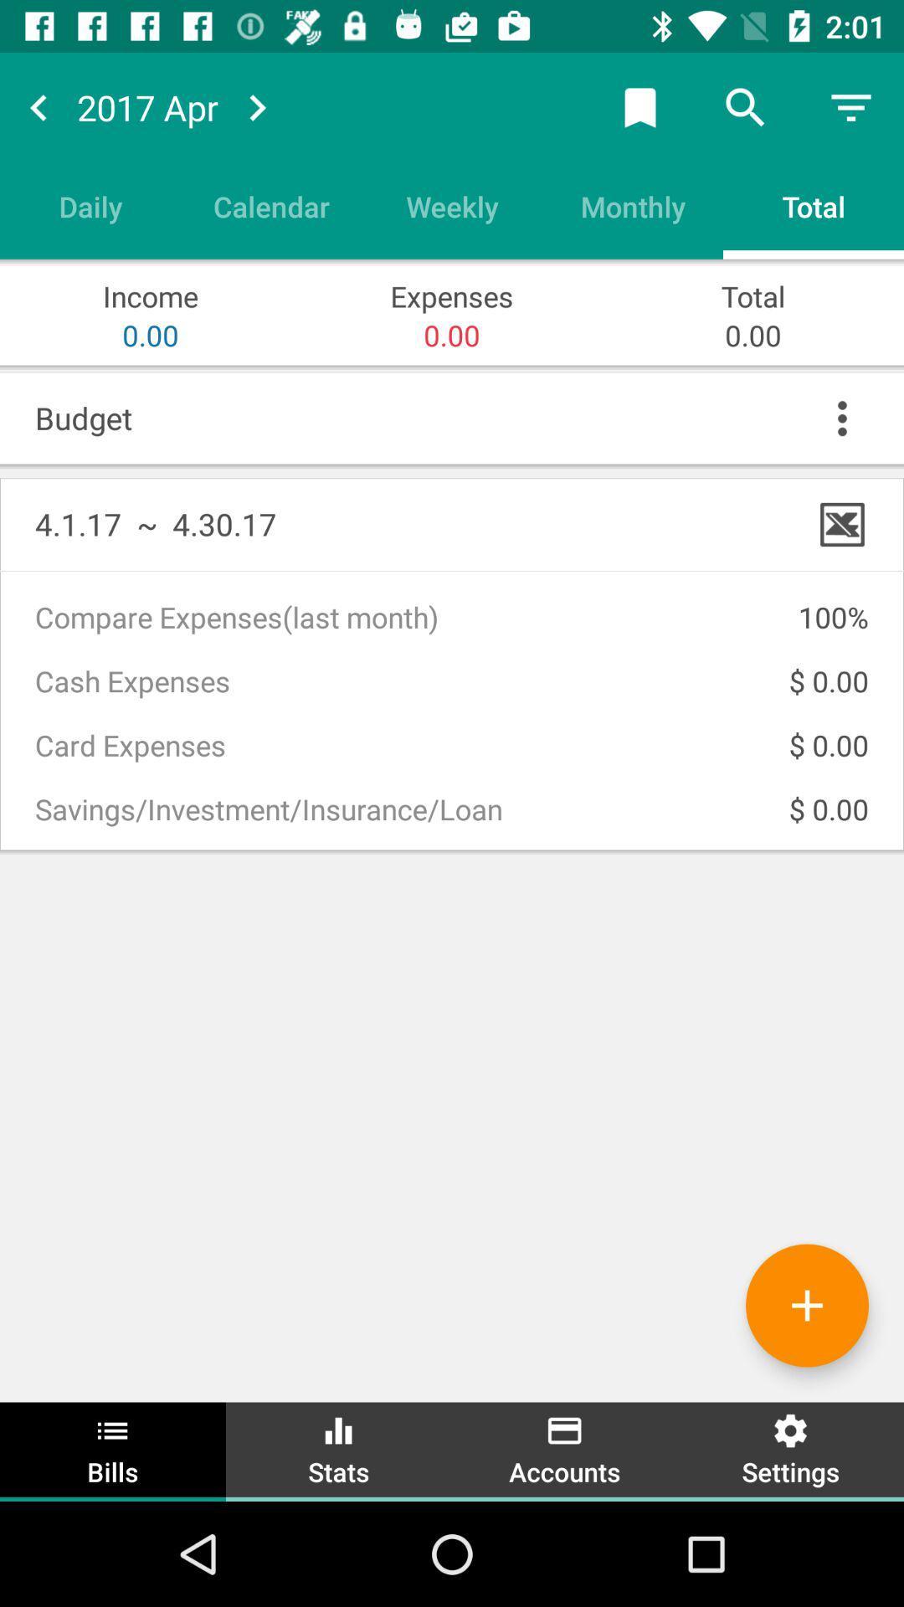 Image resolution: width=904 pixels, height=1607 pixels. What do you see at coordinates (257, 106) in the screenshot?
I see `the arrow_forward icon` at bounding box center [257, 106].